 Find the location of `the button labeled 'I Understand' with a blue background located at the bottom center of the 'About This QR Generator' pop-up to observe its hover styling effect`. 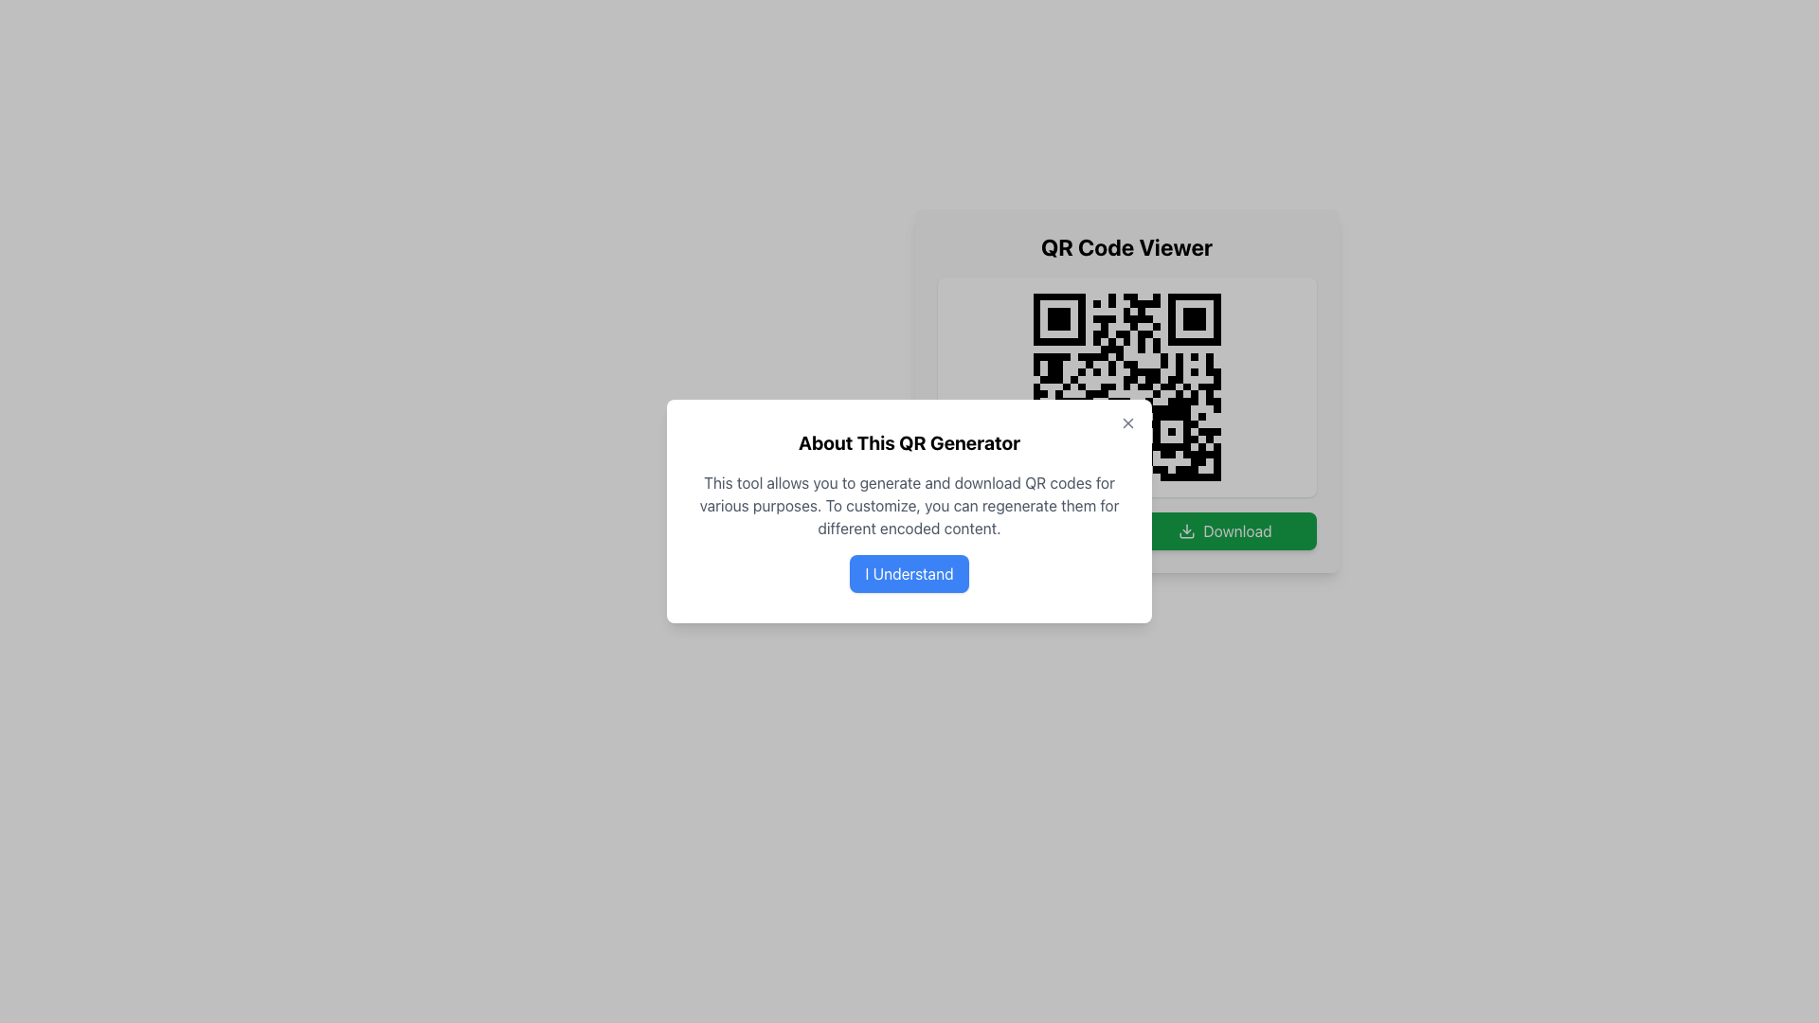

the button labeled 'I Understand' with a blue background located at the bottom center of the 'About This QR Generator' pop-up to observe its hover styling effect is located at coordinates (909, 572).